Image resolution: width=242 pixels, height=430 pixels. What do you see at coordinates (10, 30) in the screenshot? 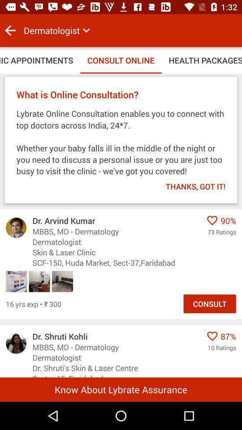
I see `previous screen` at bounding box center [10, 30].